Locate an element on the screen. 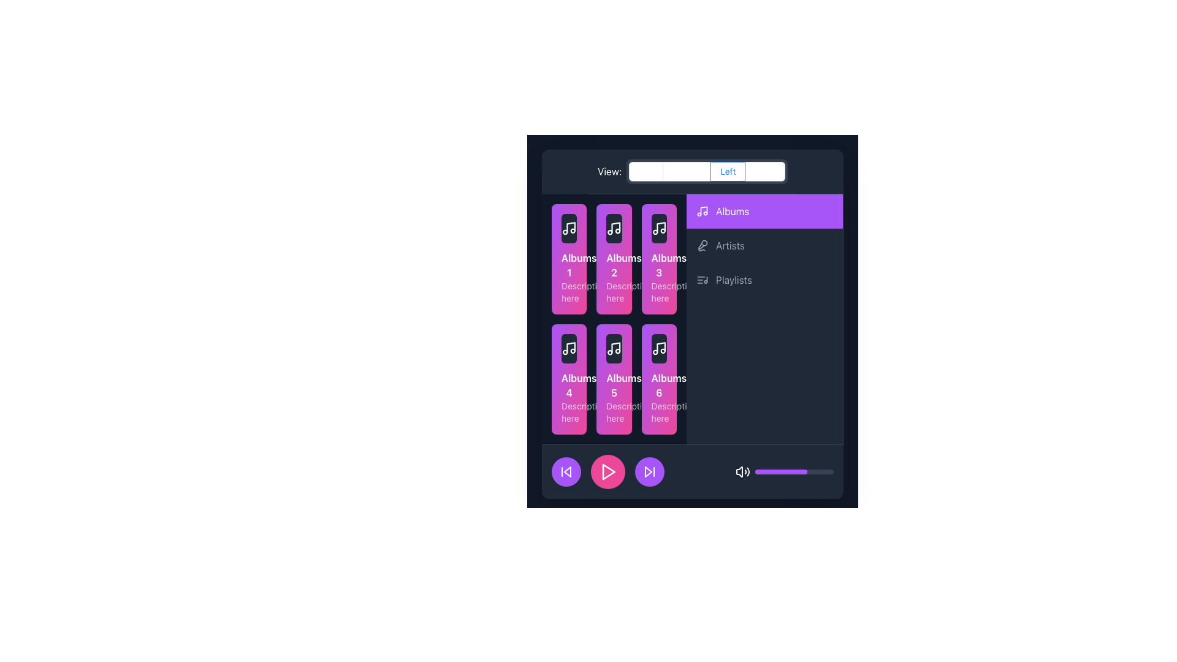  the volume or mute icon located on the bottom control panel of the media player is located at coordinates (739, 471).